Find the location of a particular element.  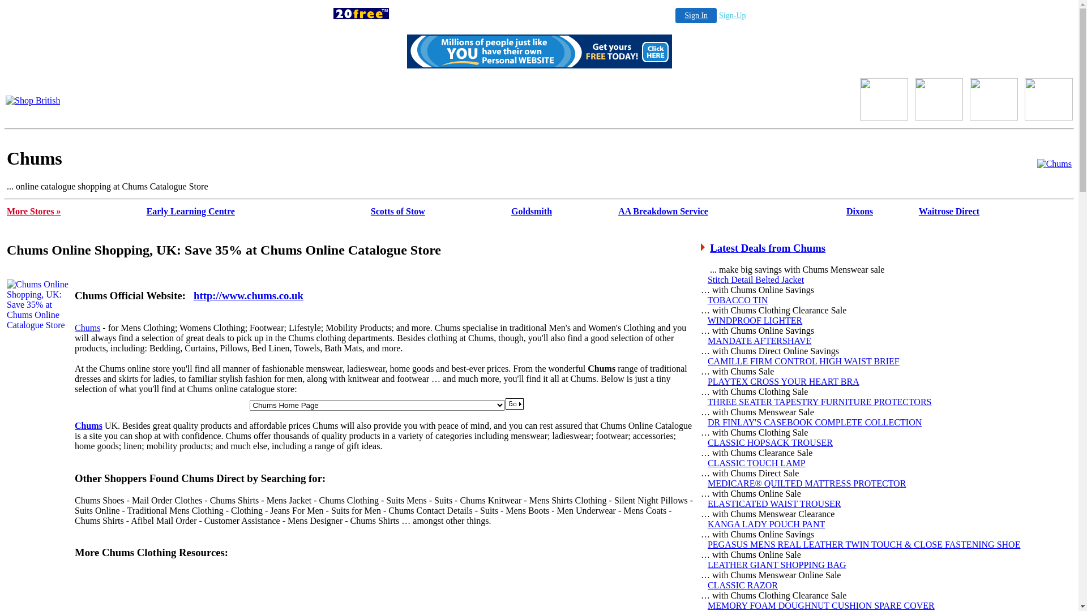

'Shop British' is located at coordinates (5, 99).